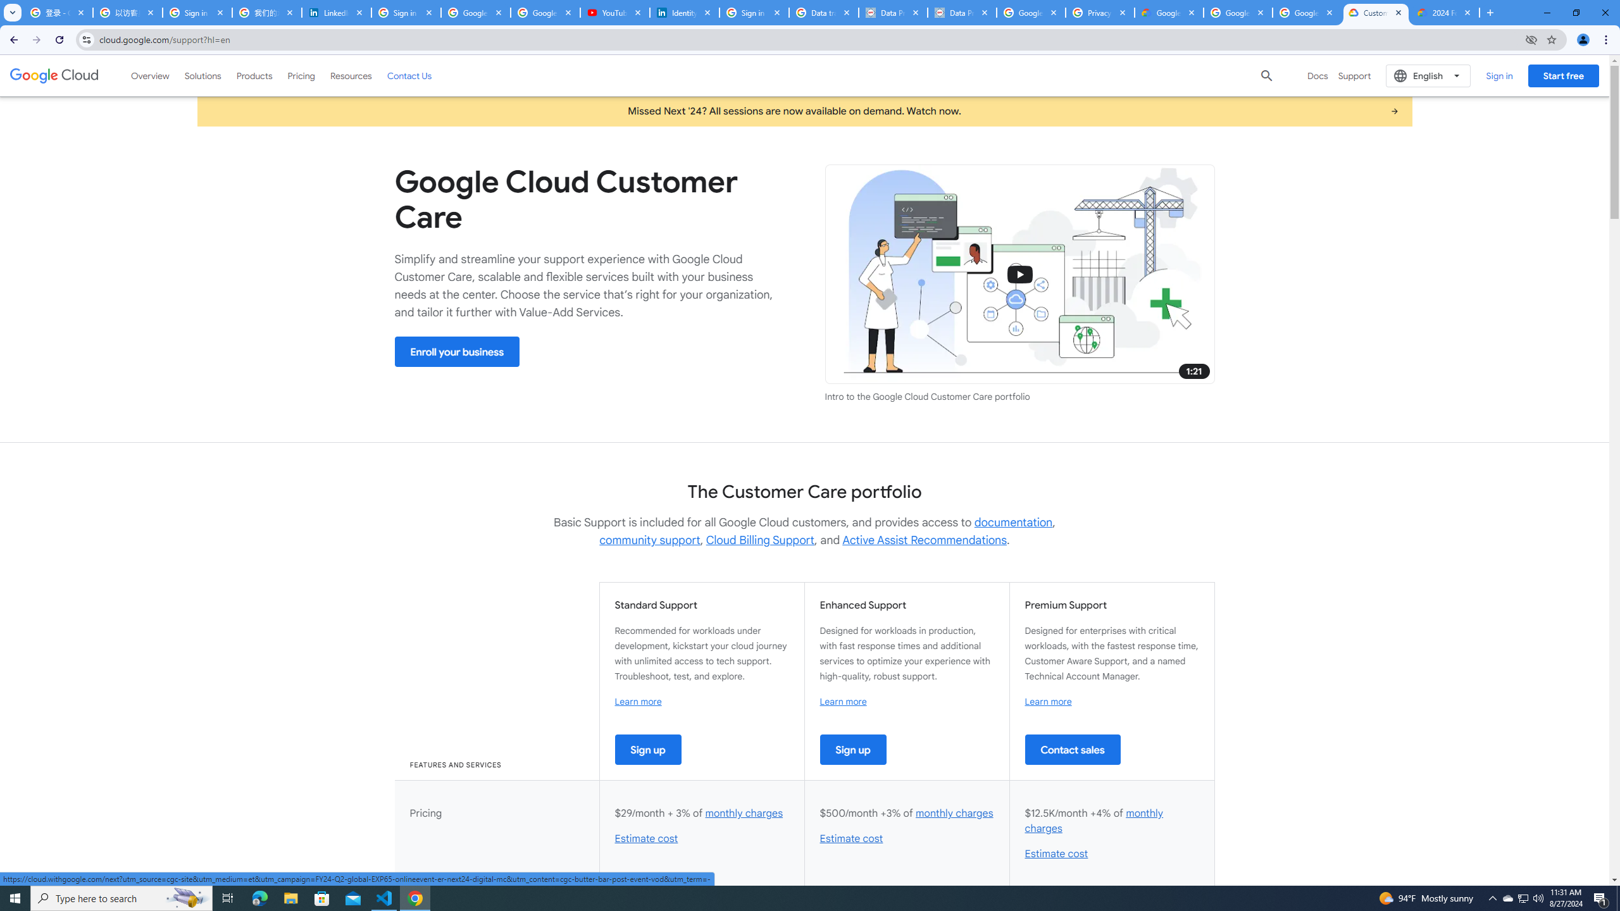  What do you see at coordinates (54, 75) in the screenshot?
I see `'Google Cloud'` at bounding box center [54, 75].